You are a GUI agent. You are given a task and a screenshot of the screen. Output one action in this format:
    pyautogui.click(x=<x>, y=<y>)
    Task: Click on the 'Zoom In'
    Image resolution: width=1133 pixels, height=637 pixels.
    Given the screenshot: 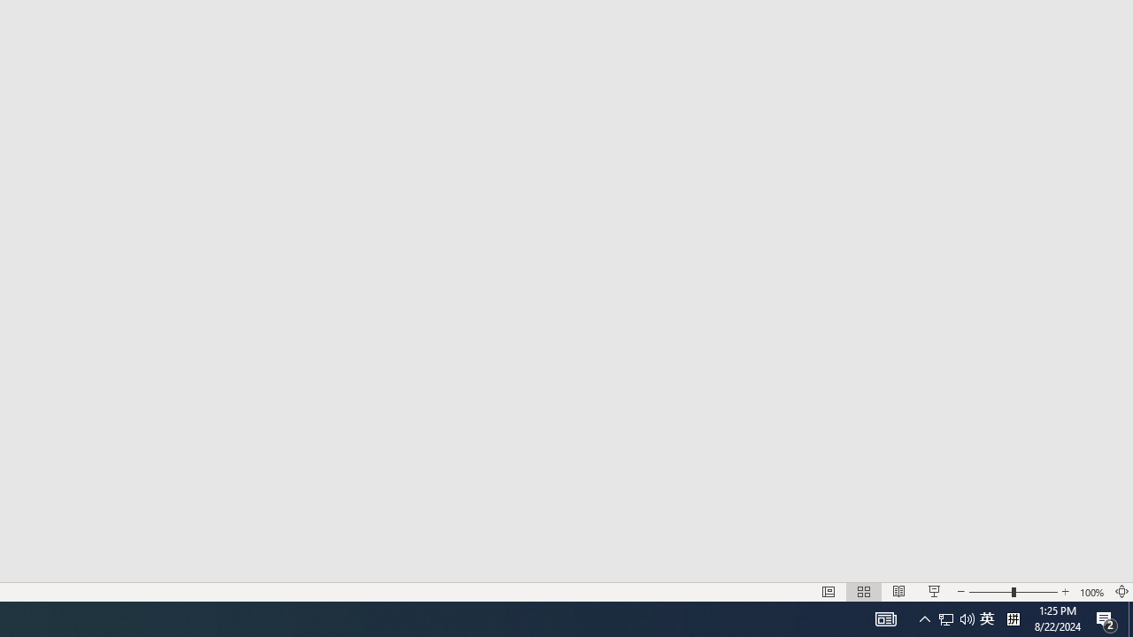 What is the action you would take?
    pyautogui.click(x=1065, y=592)
    